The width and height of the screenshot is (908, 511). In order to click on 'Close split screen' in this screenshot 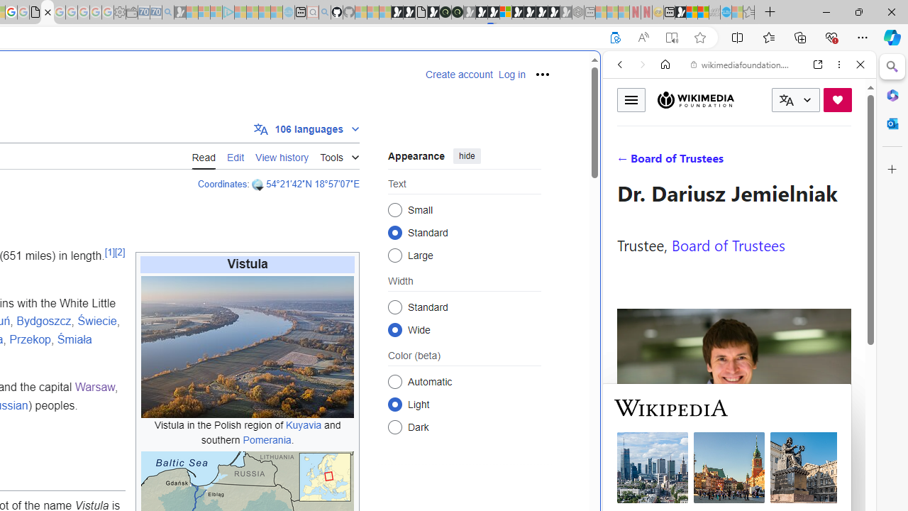, I will do `click(599, 72)`.